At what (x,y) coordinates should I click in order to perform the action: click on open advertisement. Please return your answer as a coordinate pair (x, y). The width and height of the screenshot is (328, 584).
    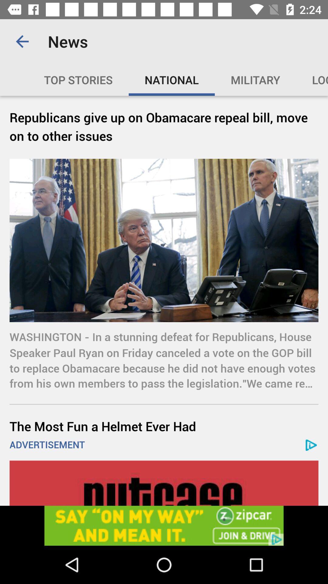
    Looking at the image, I should click on (164, 525).